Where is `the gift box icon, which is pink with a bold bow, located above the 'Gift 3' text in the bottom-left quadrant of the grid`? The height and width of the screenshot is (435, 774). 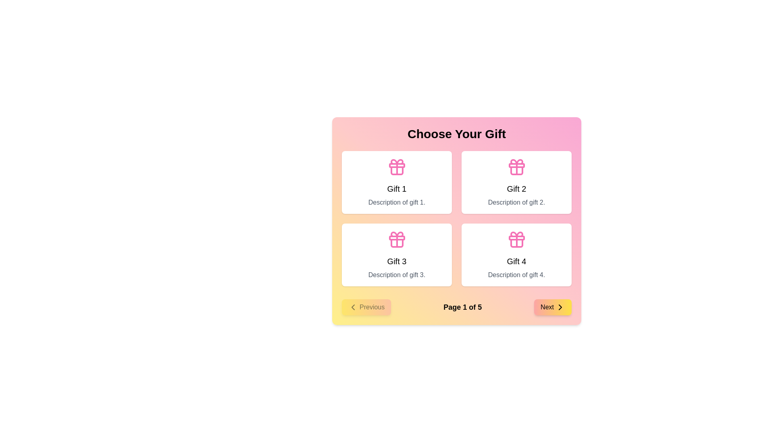 the gift box icon, which is pink with a bold bow, located above the 'Gift 3' text in the bottom-left quadrant of the grid is located at coordinates (397, 239).